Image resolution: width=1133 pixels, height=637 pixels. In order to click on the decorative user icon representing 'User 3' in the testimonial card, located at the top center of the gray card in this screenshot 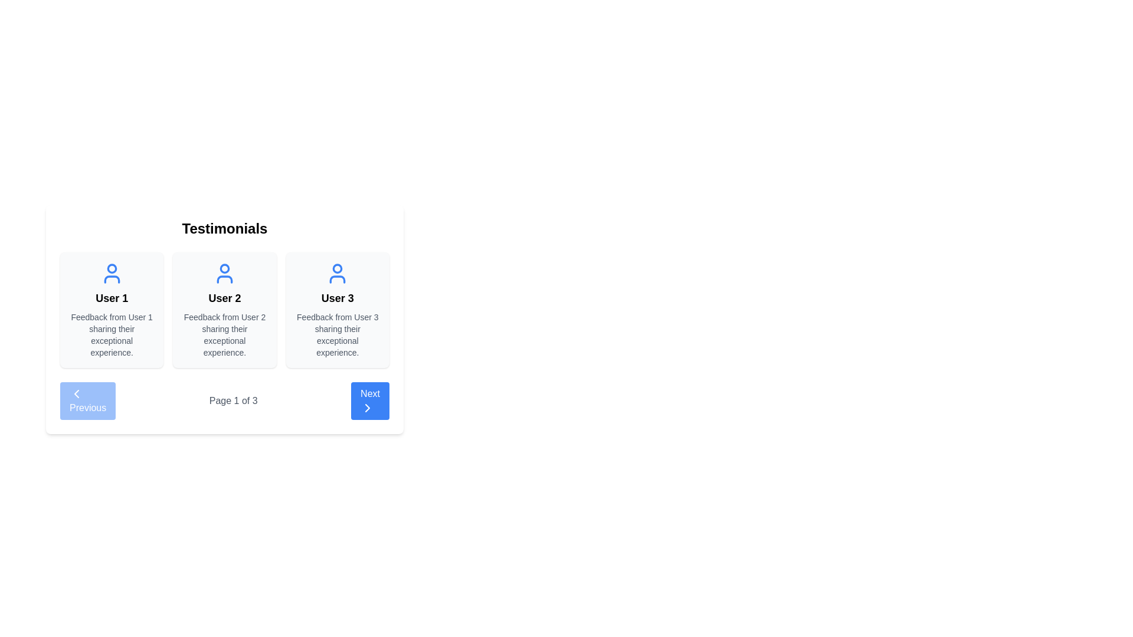, I will do `click(337, 273)`.